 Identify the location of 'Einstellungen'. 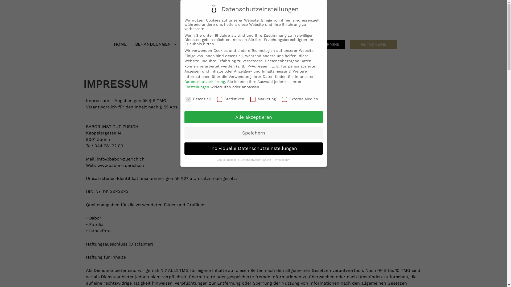
(196, 87).